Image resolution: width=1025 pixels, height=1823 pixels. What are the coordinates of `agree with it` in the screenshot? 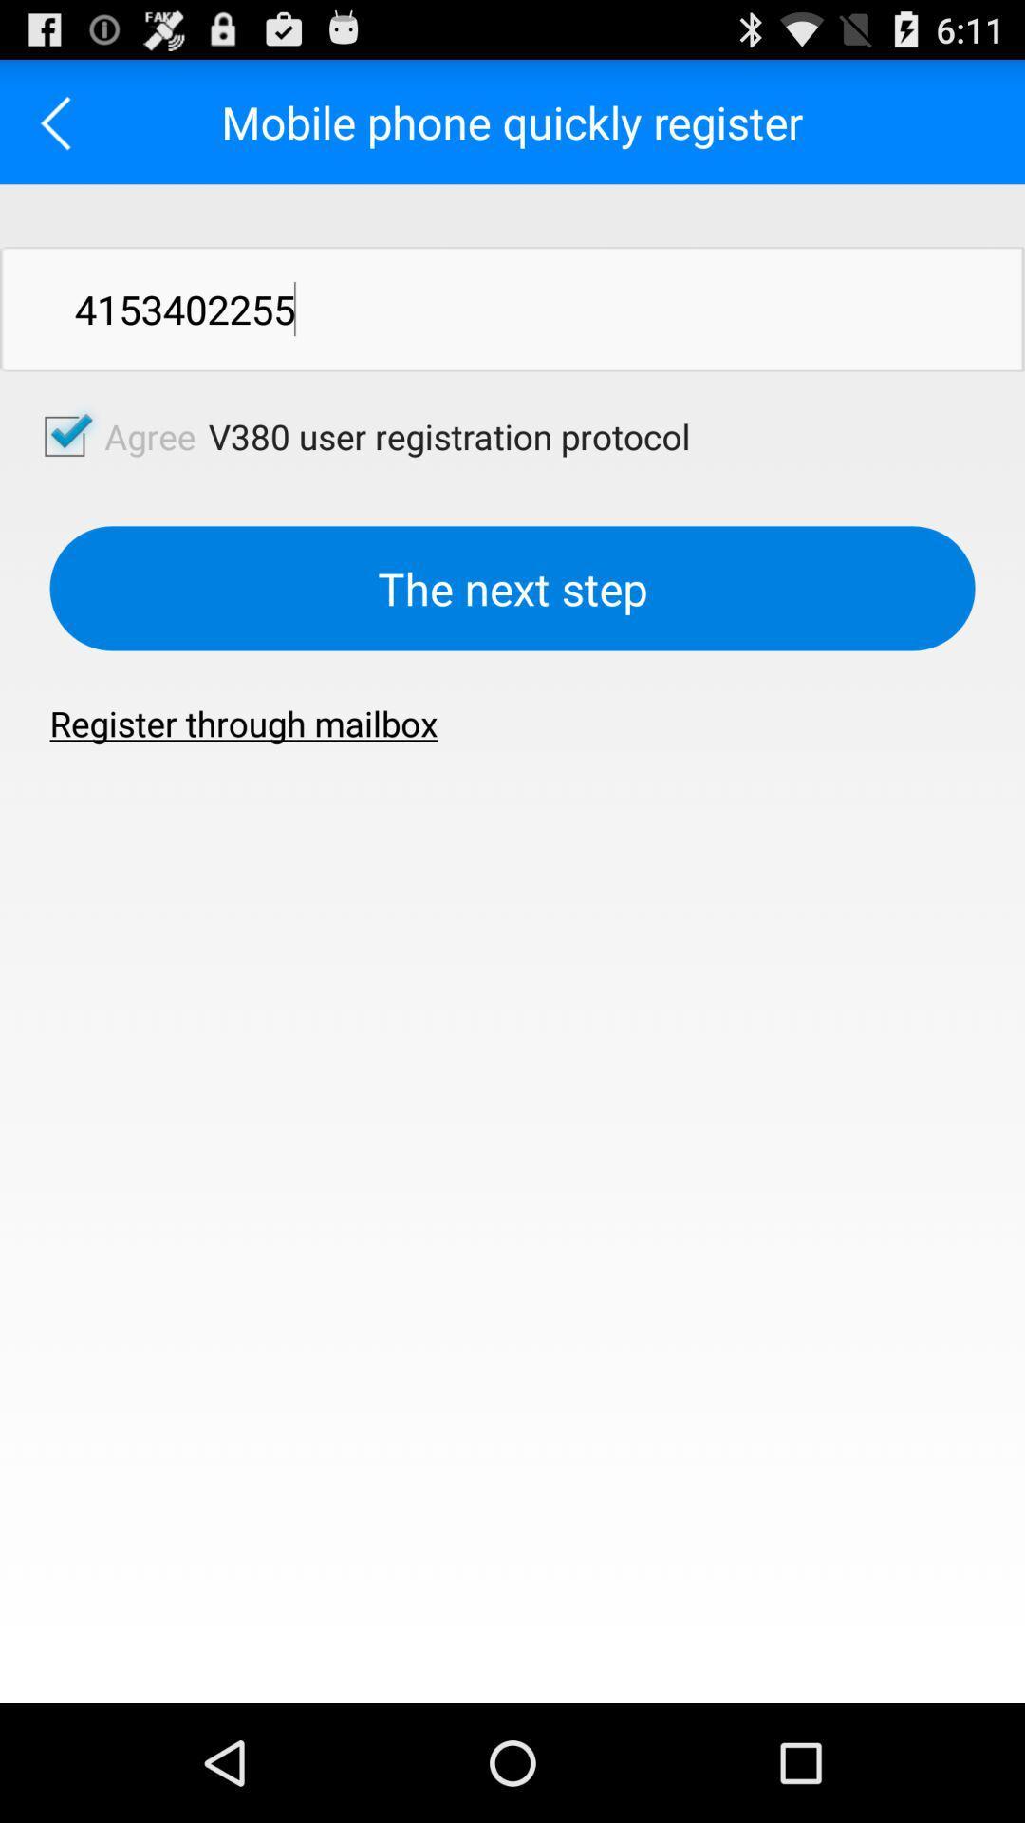 It's located at (64, 435).